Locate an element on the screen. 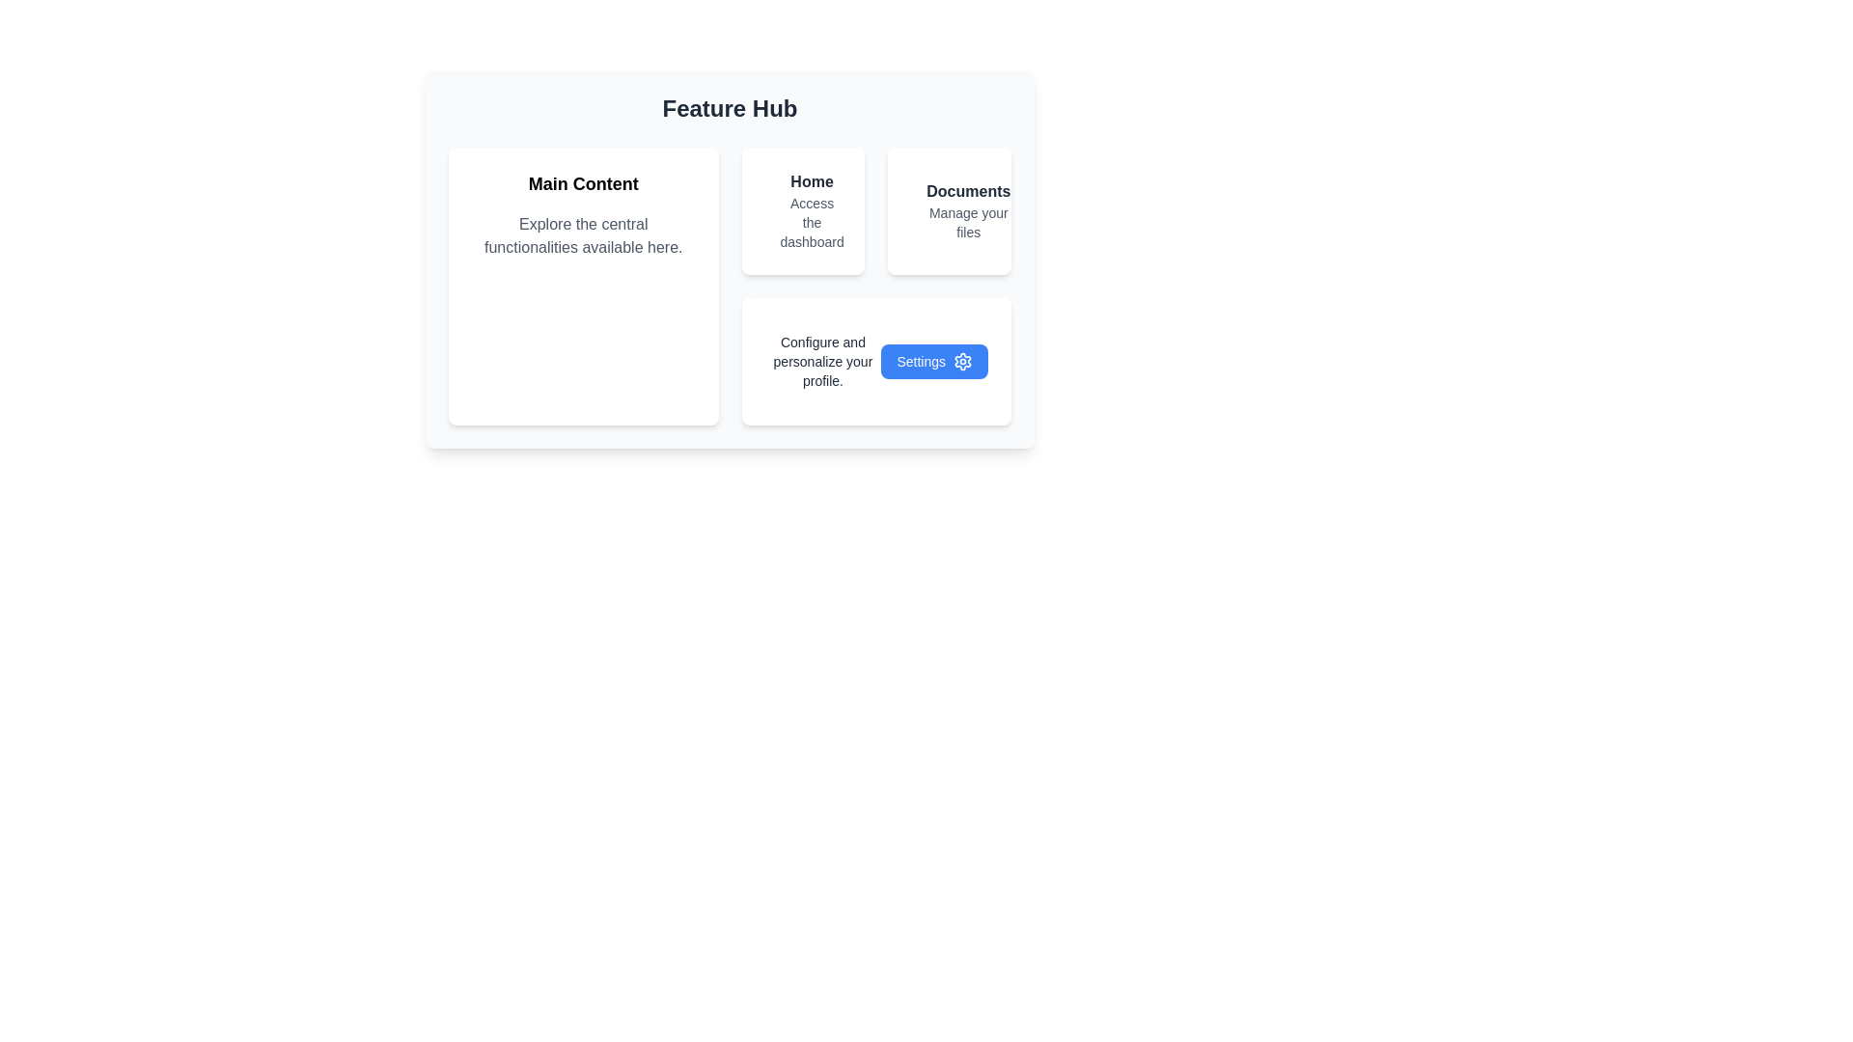  the informational card titled 'Home' that has a description 'Access the dashboard', which is a rectangular box with rounded corners located in the grid layout is located at coordinates (803, 211).